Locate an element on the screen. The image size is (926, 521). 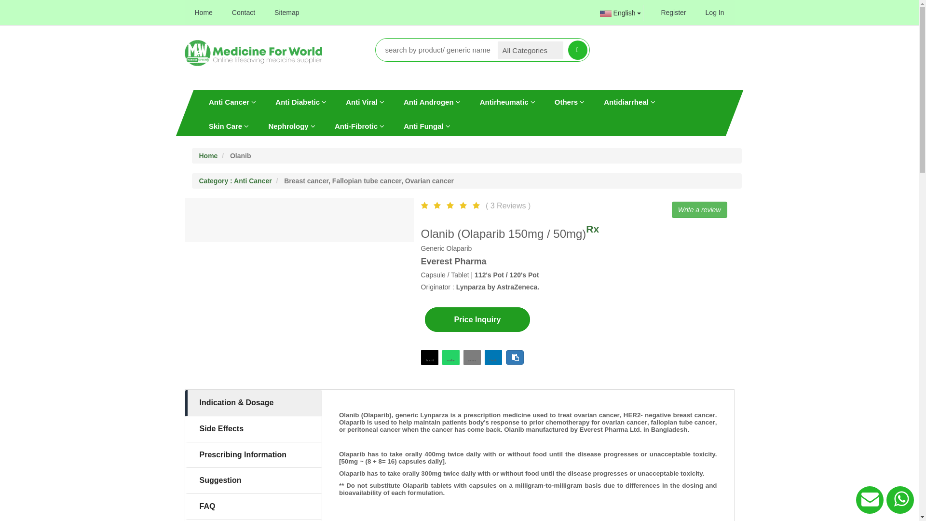
'Contact' is located at coordinates (243, 13).